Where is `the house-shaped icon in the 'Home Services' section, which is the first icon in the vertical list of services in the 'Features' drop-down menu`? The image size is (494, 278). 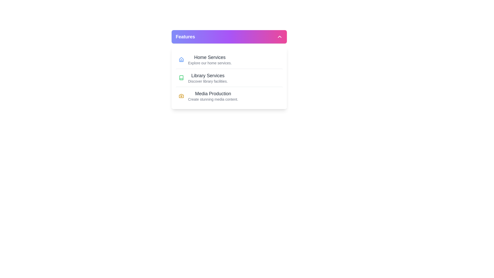
the house-shaped icon in the 'Home Services' section, which is the first icon in the vertical list of services in the 'Features' drop-down menu is located at coordinates (181, 59).